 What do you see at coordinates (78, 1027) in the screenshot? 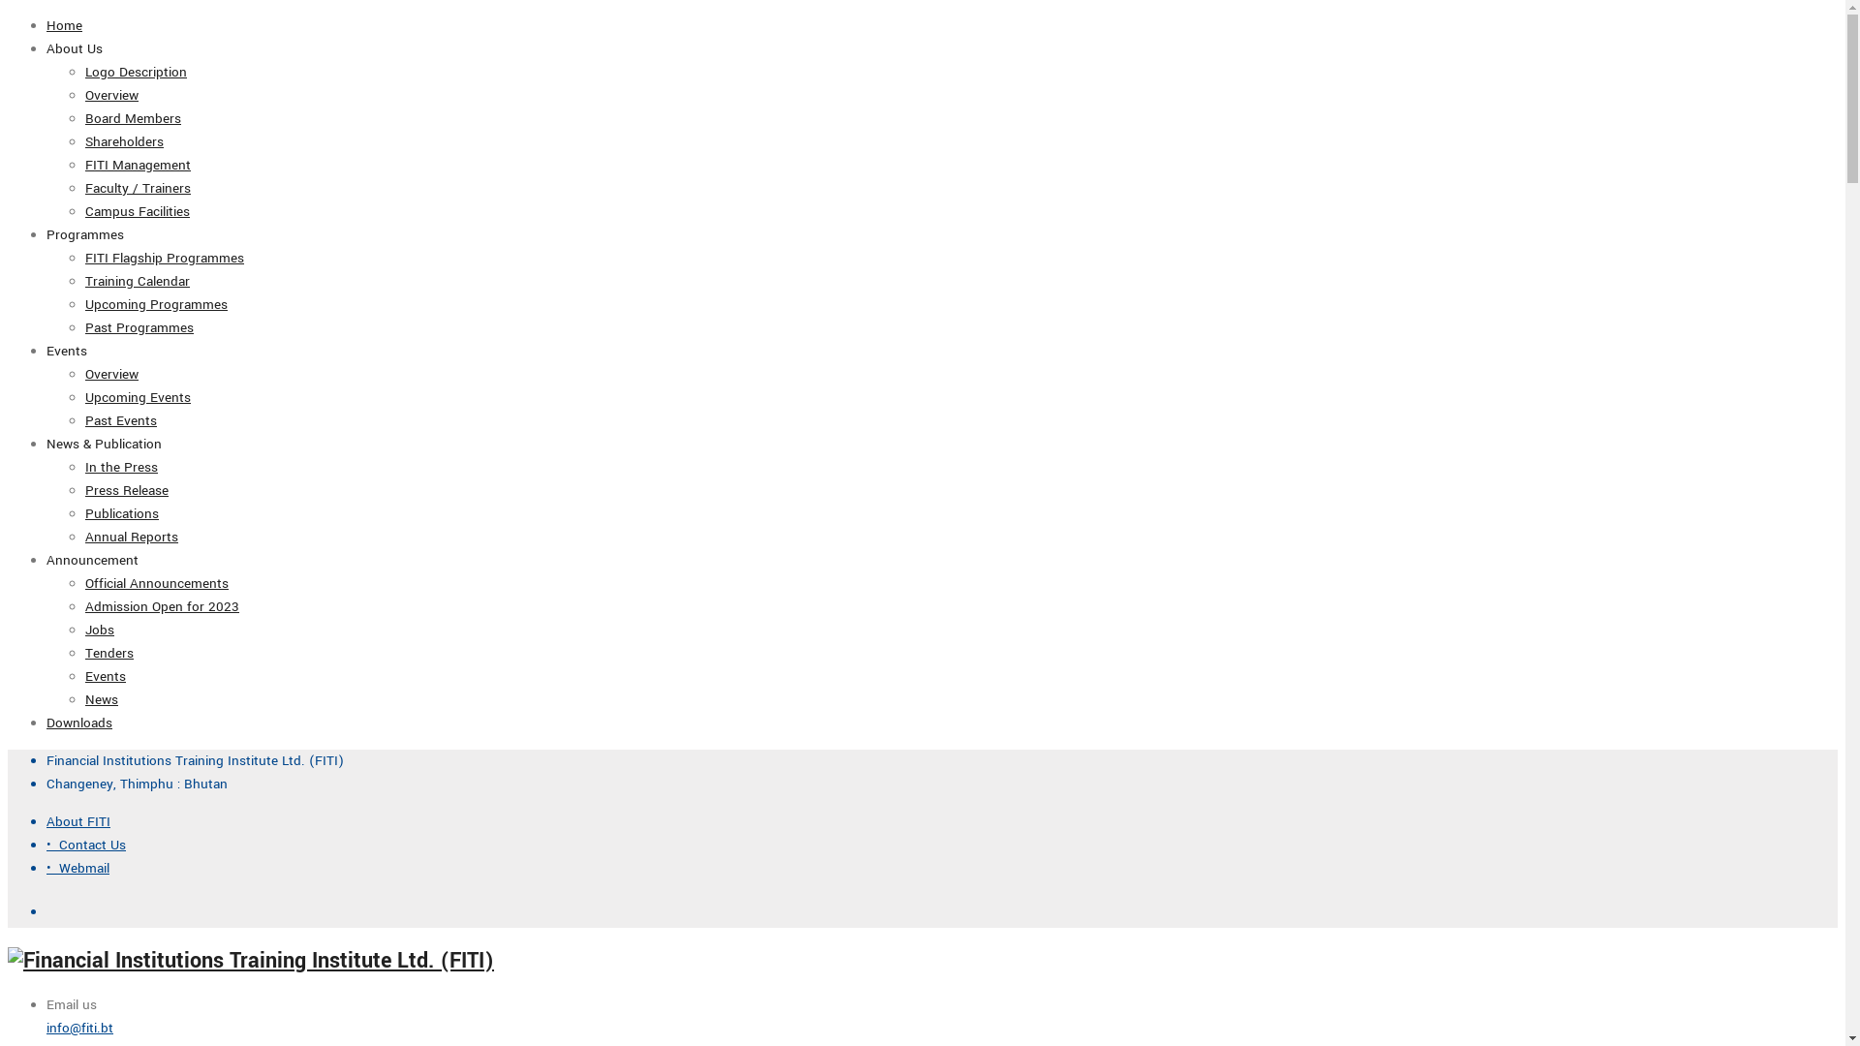
I see `'info@fiti.bt'` at bounding box center [78, 1027].